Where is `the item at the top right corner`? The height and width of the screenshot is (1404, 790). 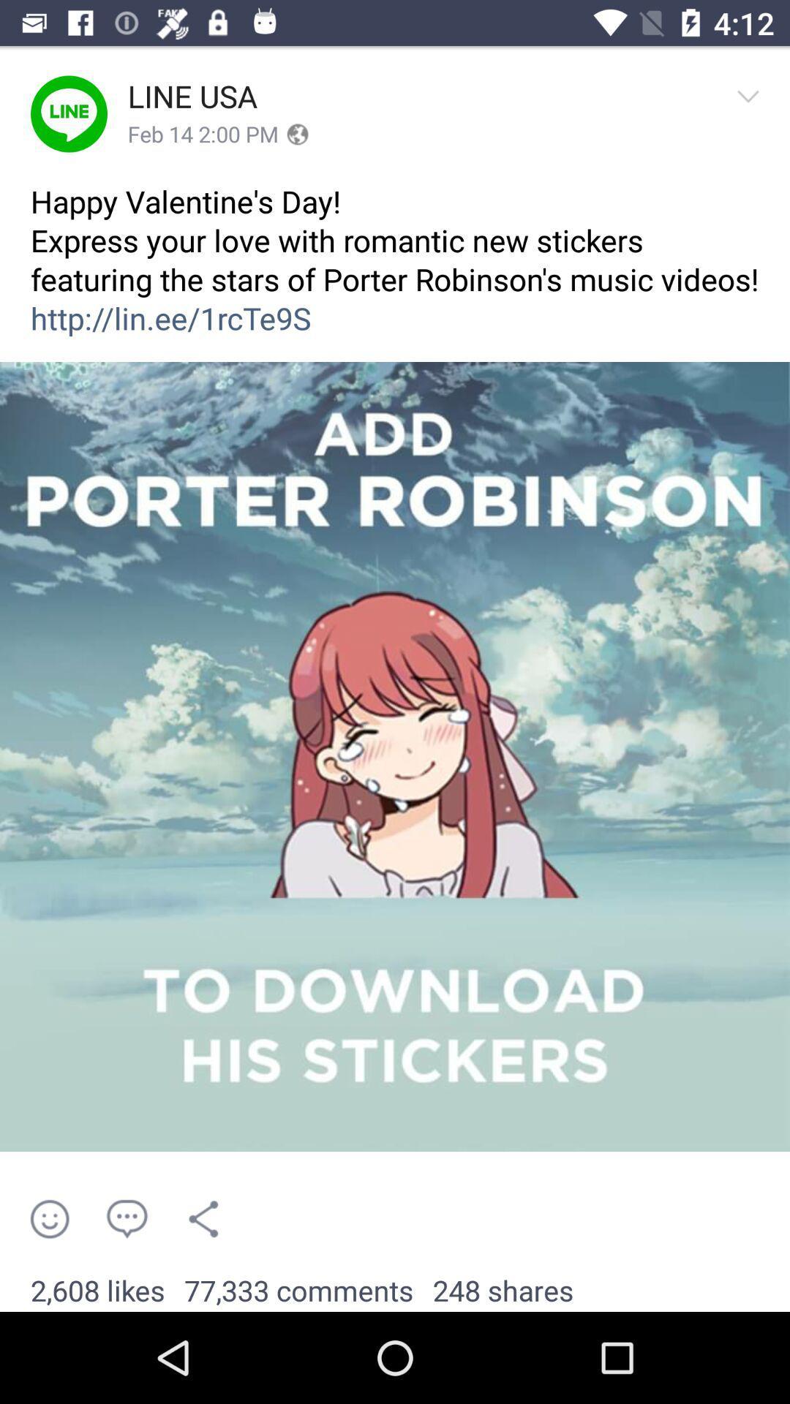
the item at the top right corner is located at coordinates (753, 113).